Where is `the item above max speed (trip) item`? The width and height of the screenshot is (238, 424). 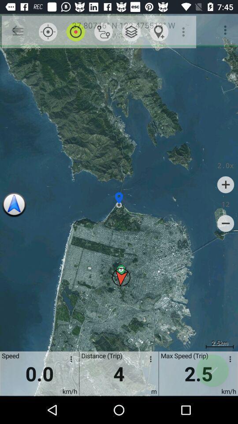 the item above max speed (trip) item is located at coordinates (184, 32).